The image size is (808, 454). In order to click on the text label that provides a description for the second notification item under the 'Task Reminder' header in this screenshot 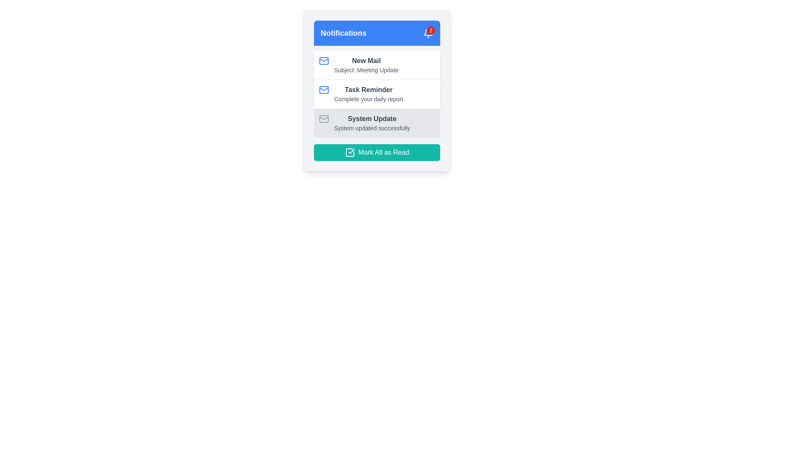, I will do `click(369, 98)`.